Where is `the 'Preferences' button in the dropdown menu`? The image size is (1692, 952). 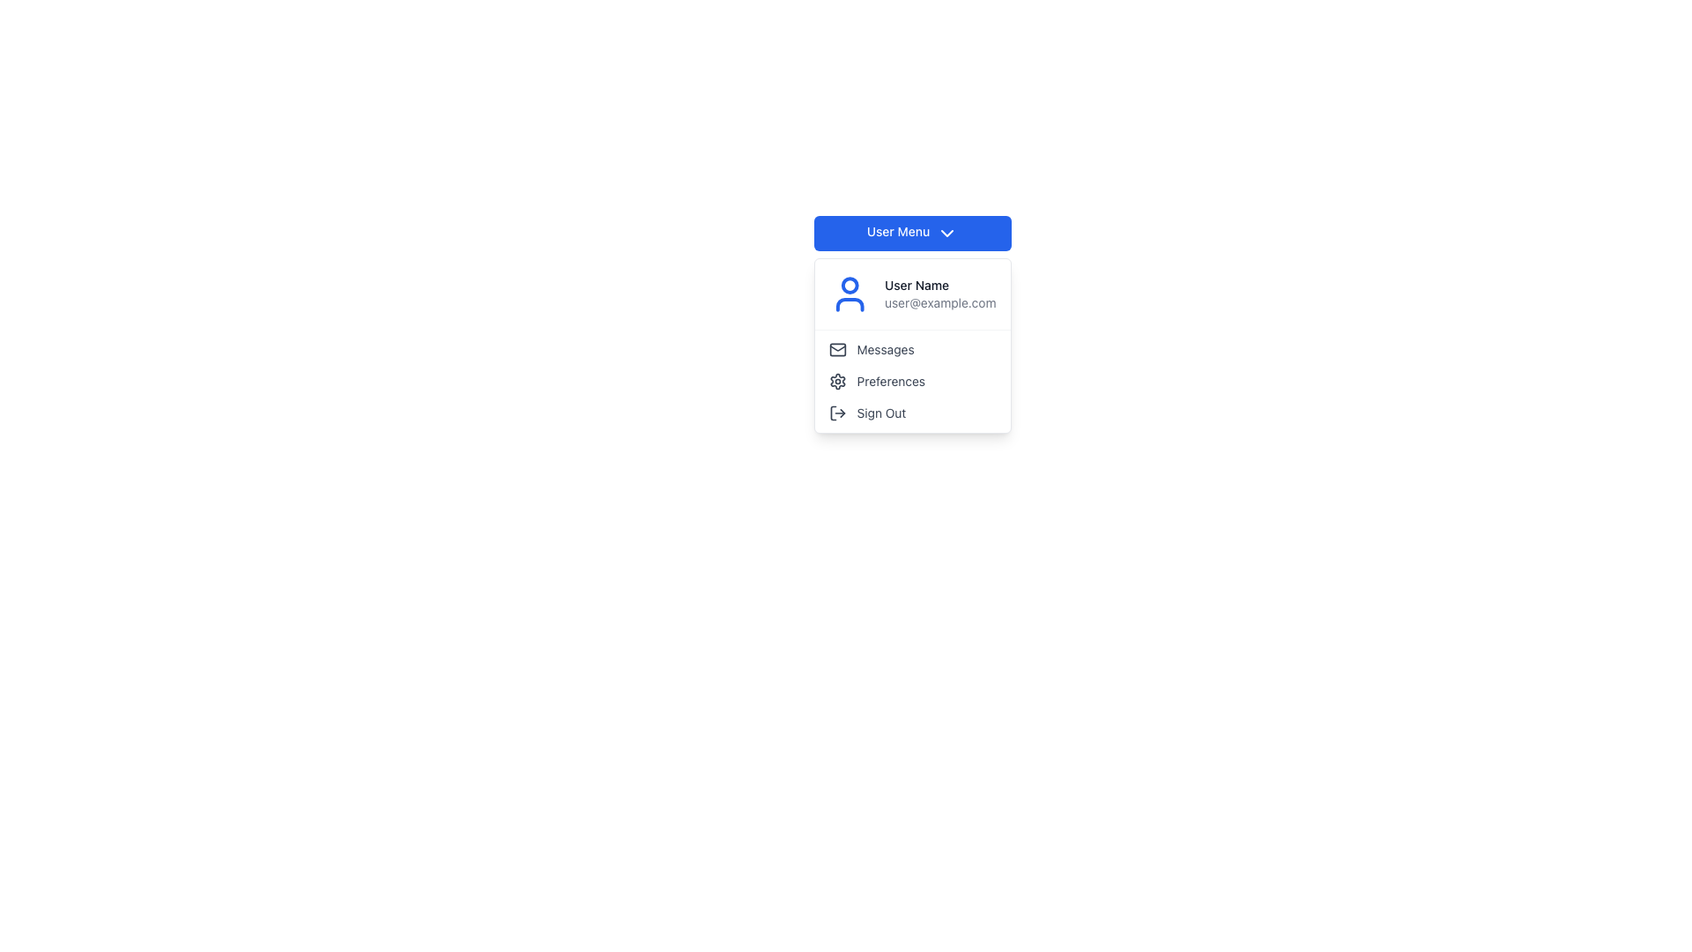 the 'Preferences' button in the dropdown menu is located at coordinates (912, 380).